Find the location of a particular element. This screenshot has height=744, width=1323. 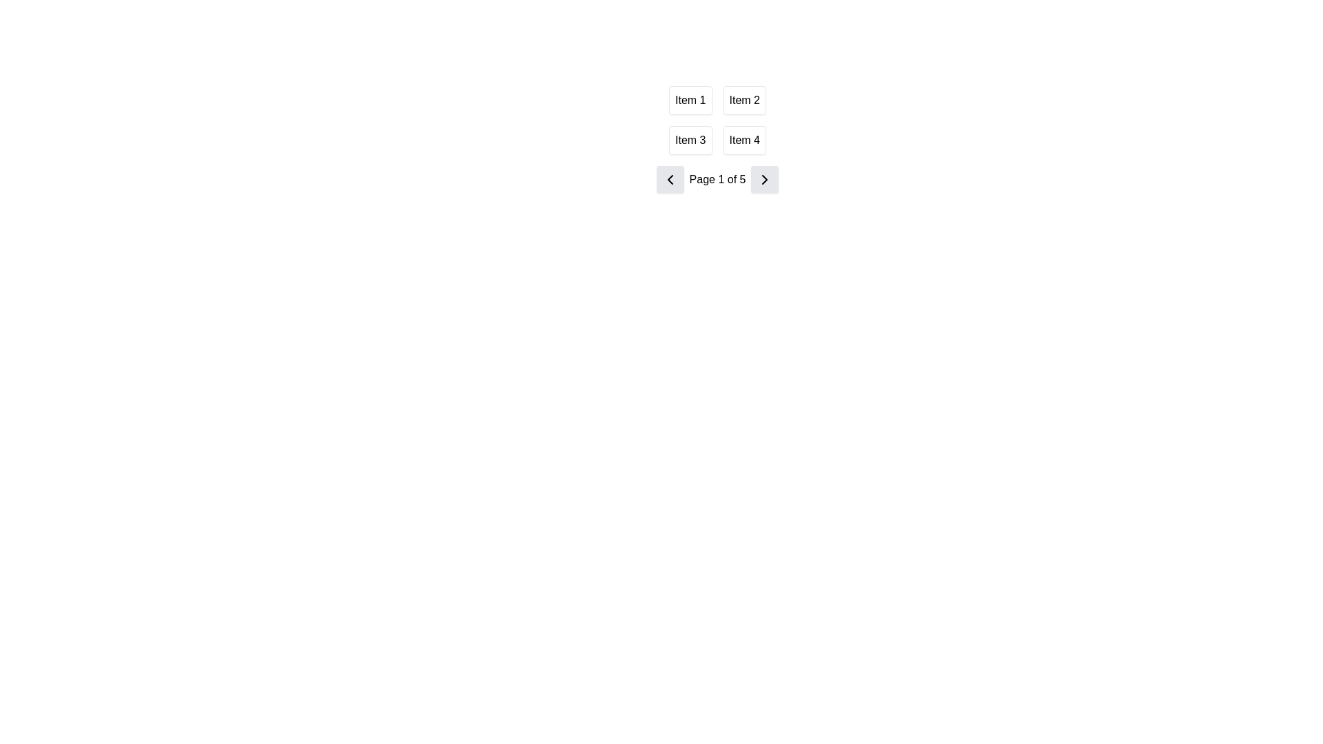

the right-facing chevron icon inside the last button of the pagination bar is located at coordinates (763, 179).